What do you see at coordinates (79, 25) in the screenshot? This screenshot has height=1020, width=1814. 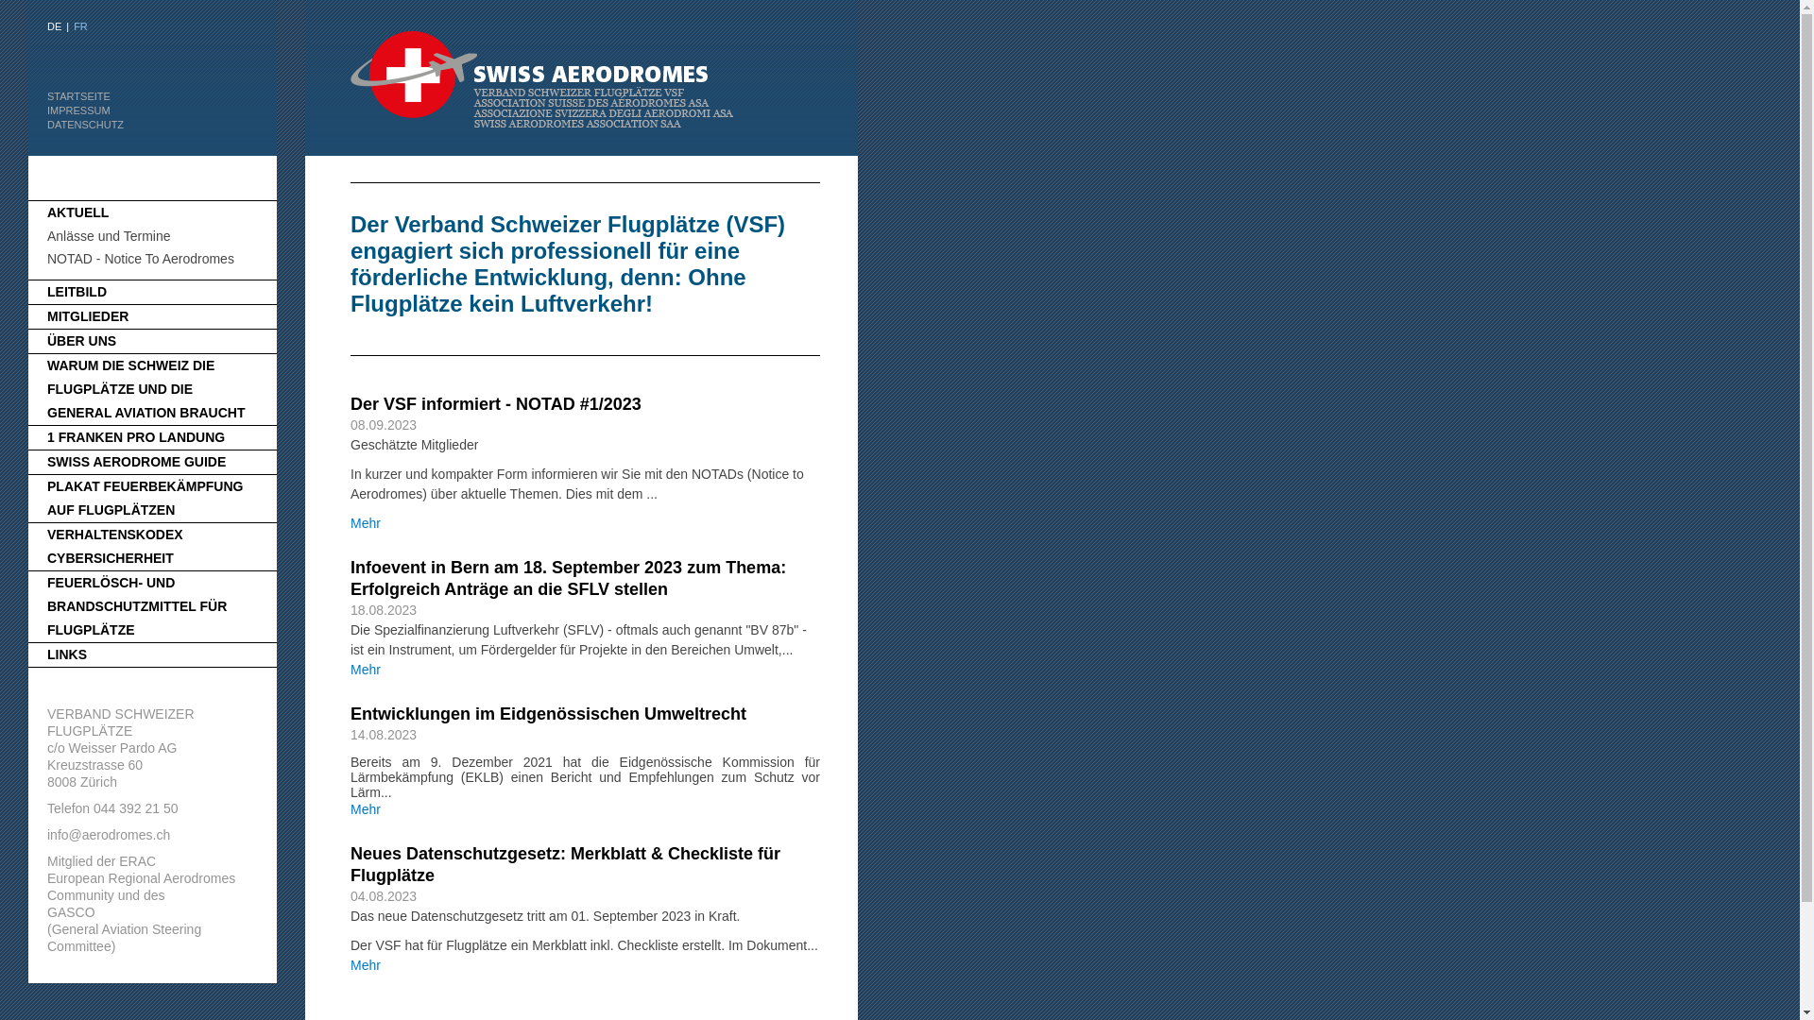 I see `'FR'` at bounding box center [79, 25].